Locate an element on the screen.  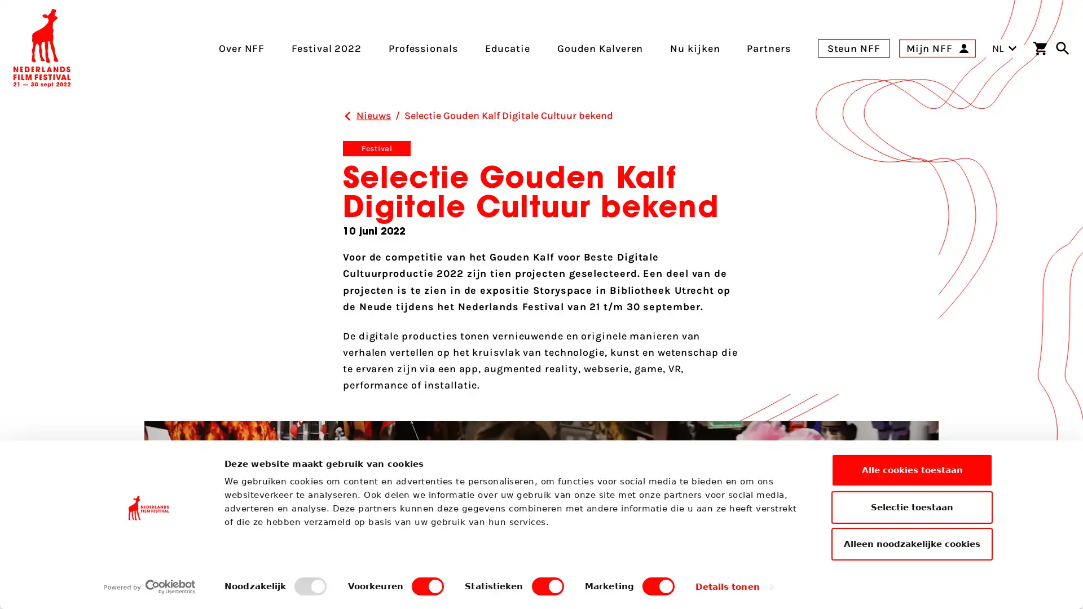
Open live chat is located at coordinates (1060, 582).